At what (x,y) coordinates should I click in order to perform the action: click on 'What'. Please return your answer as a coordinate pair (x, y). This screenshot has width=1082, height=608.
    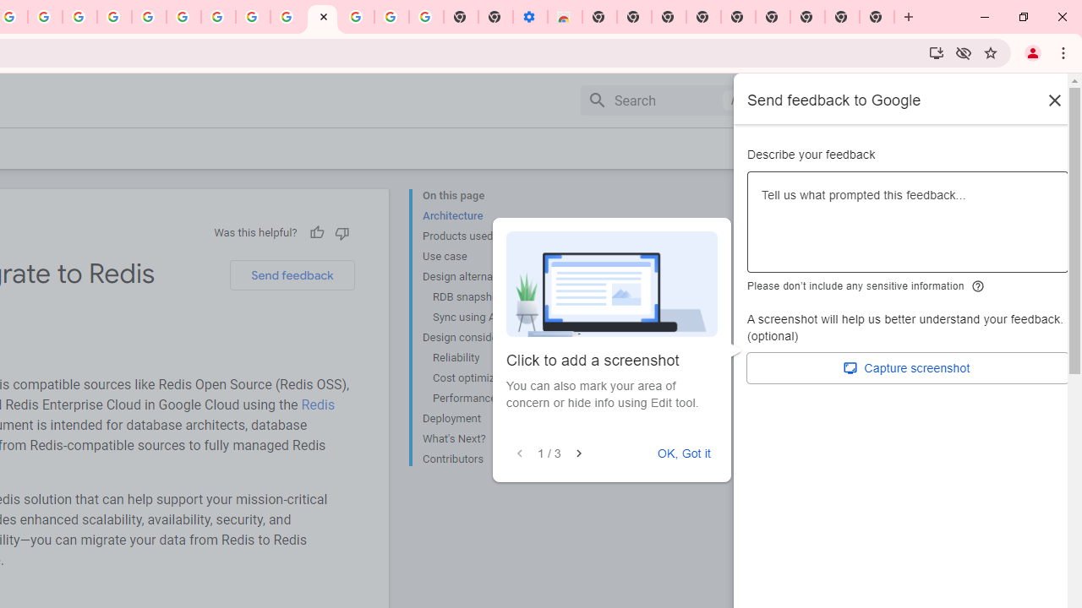
    Looking at the image, I should click on (489, 438).